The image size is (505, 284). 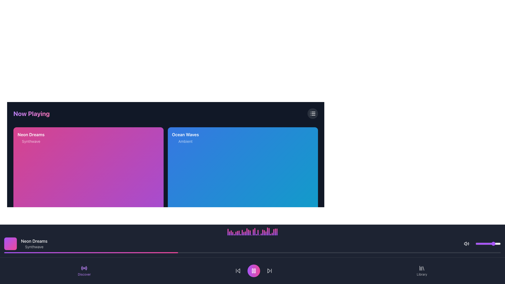 I want to click on the 15th vertical bar of the graphical equalizer display, which visualizes audio frequencies or levels, so click(x=250, y=232).